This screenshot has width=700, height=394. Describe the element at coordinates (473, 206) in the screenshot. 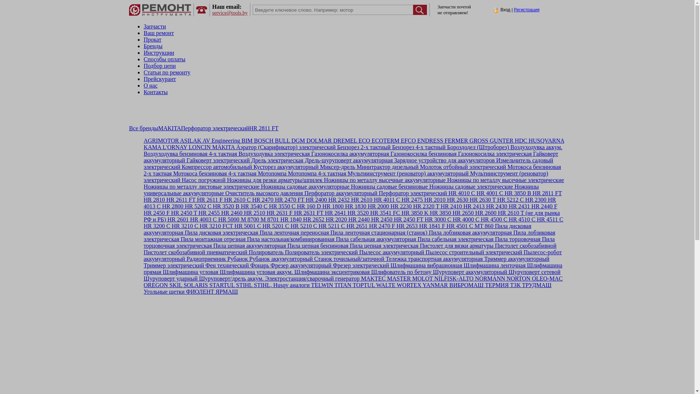

I see `'HR 2413'` at that location.